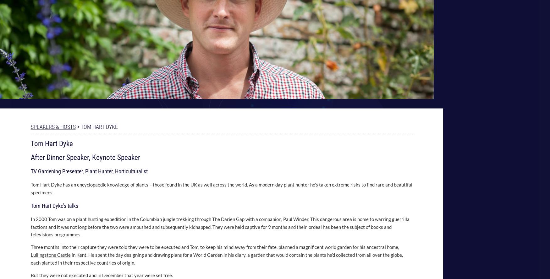 The height and width of the screenshot is (279, 550). I want to click on '>', so click(78, 126).